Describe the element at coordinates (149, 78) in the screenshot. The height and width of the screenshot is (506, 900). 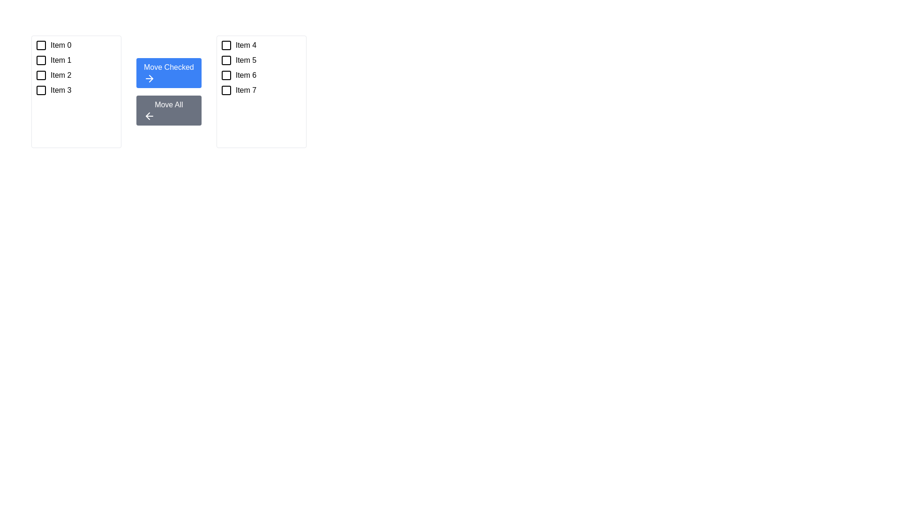
I see `the right-oriented arrow icon located in the center of the blue button labeled 'Move Checked'` at that location.